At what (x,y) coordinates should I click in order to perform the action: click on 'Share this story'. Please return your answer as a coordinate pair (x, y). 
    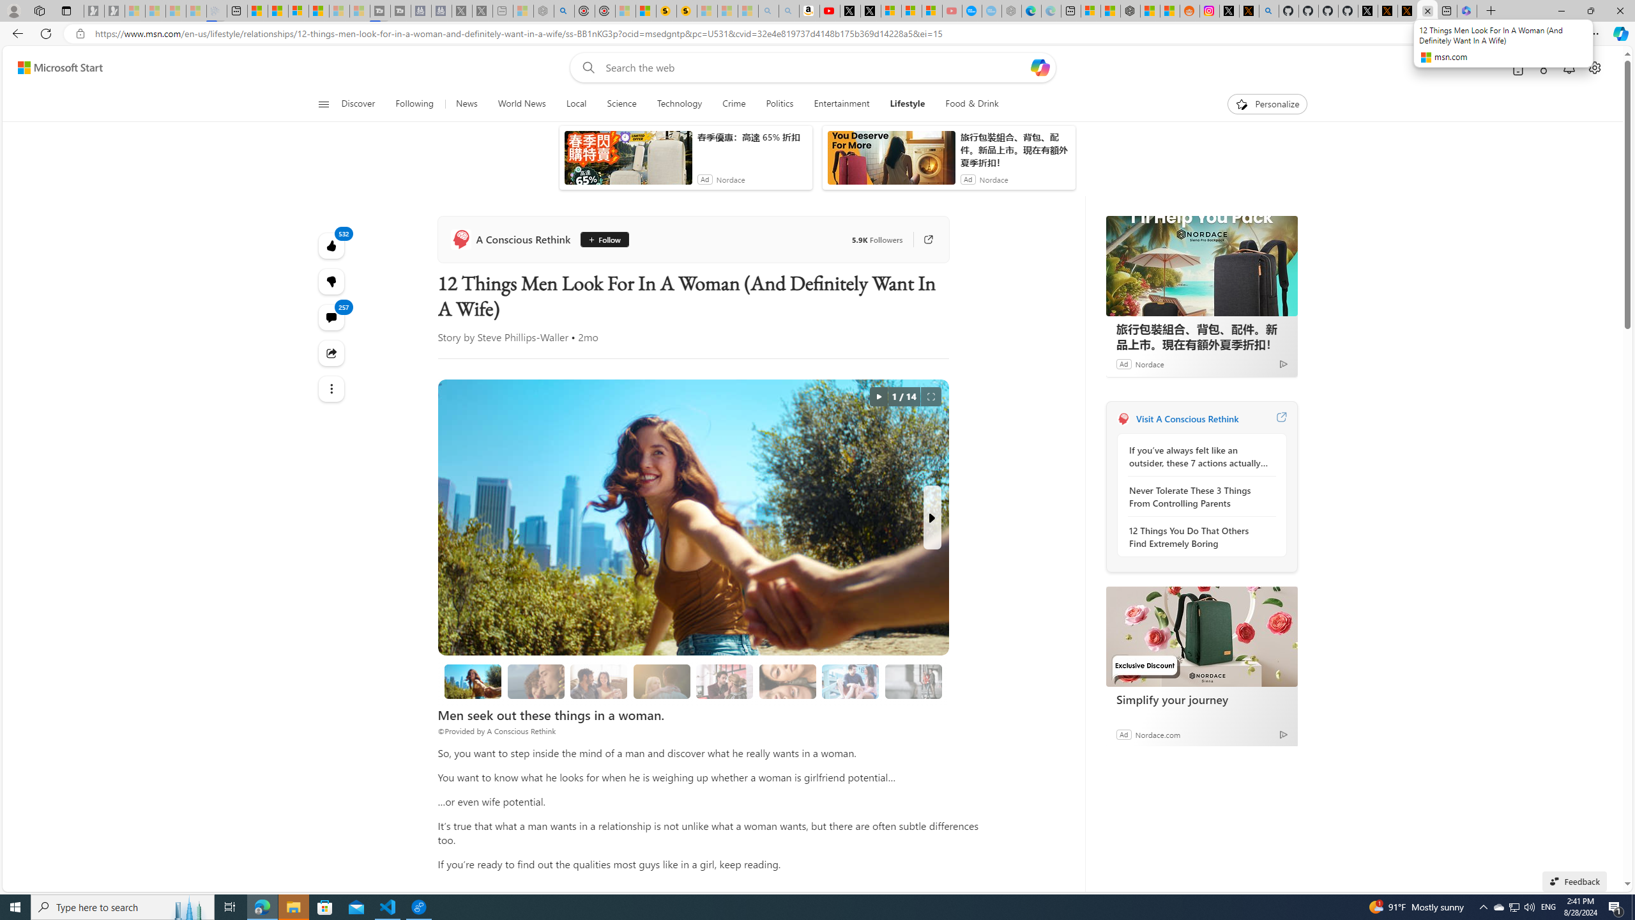
    Looking at the image, I should click on (331, 352).